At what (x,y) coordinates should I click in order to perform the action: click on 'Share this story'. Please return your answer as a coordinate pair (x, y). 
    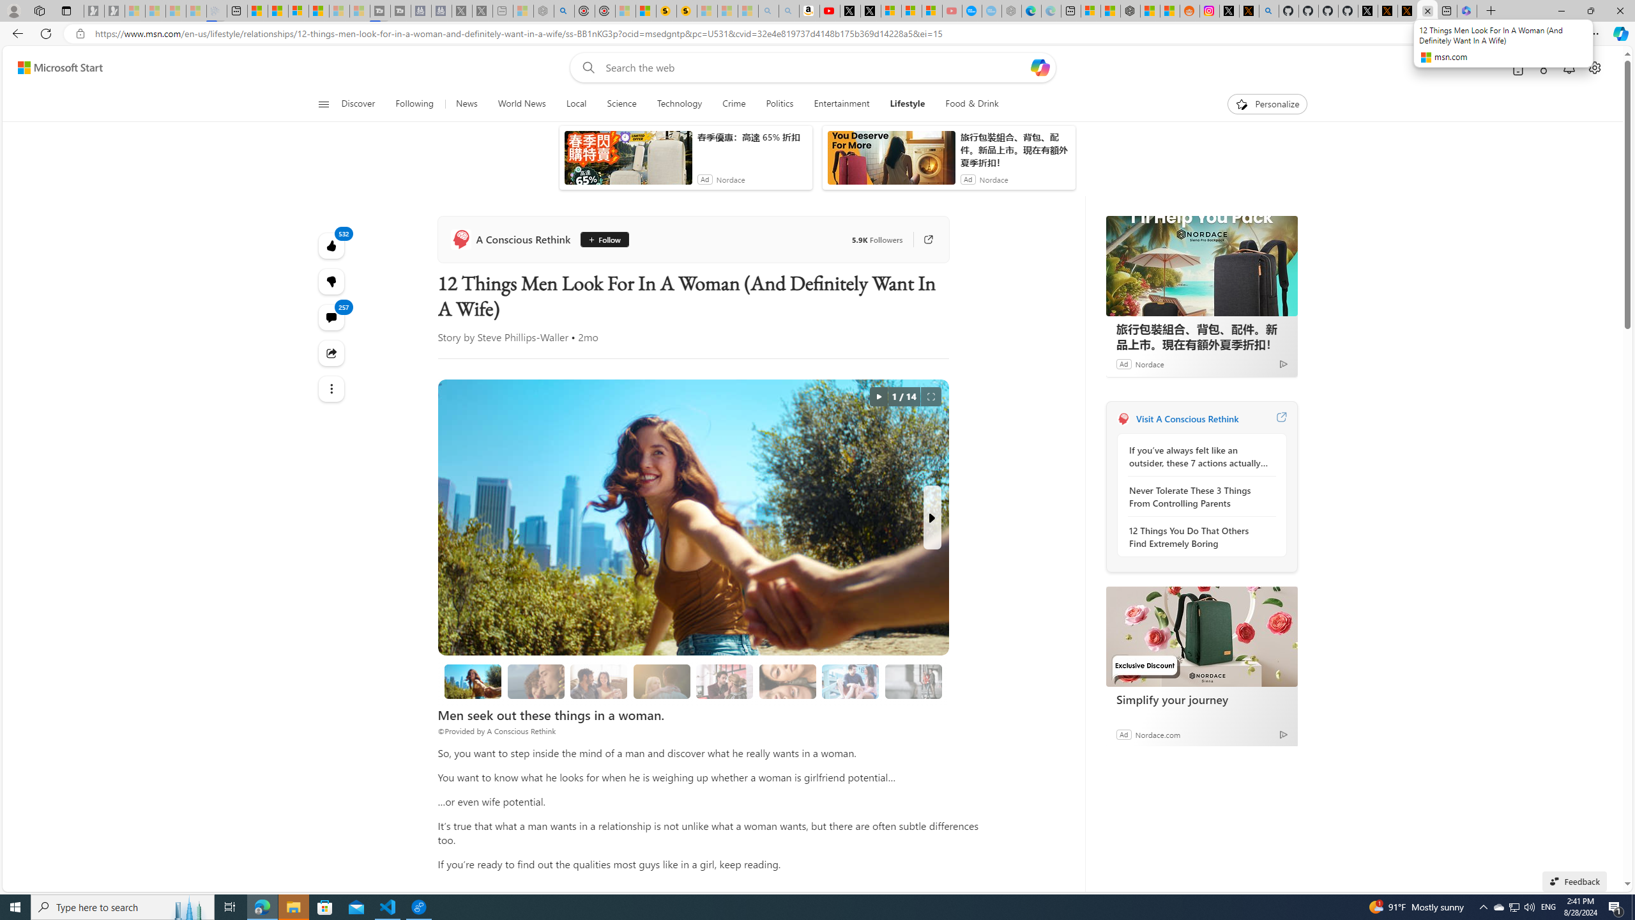
    Looking at the image, I should click on (331, 352).